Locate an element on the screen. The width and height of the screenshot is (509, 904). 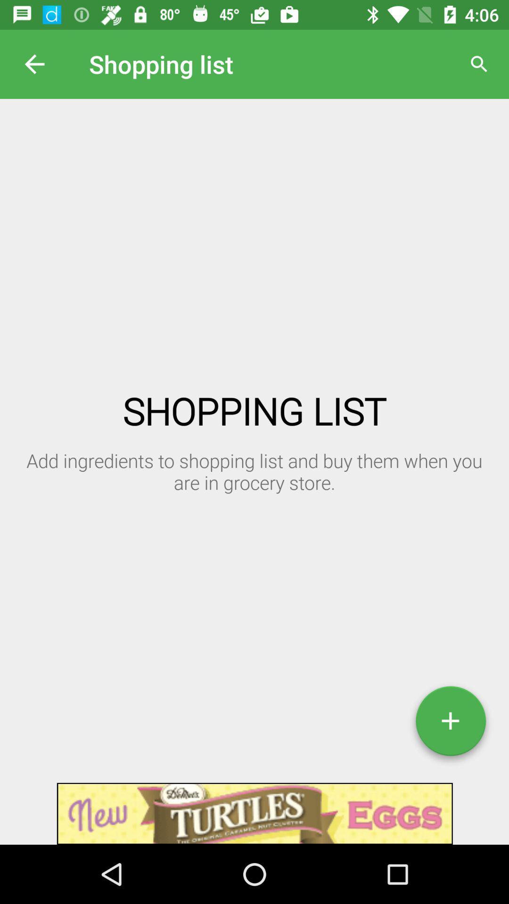
add icon at the bottom right corner is located at coordinates (450, 724).